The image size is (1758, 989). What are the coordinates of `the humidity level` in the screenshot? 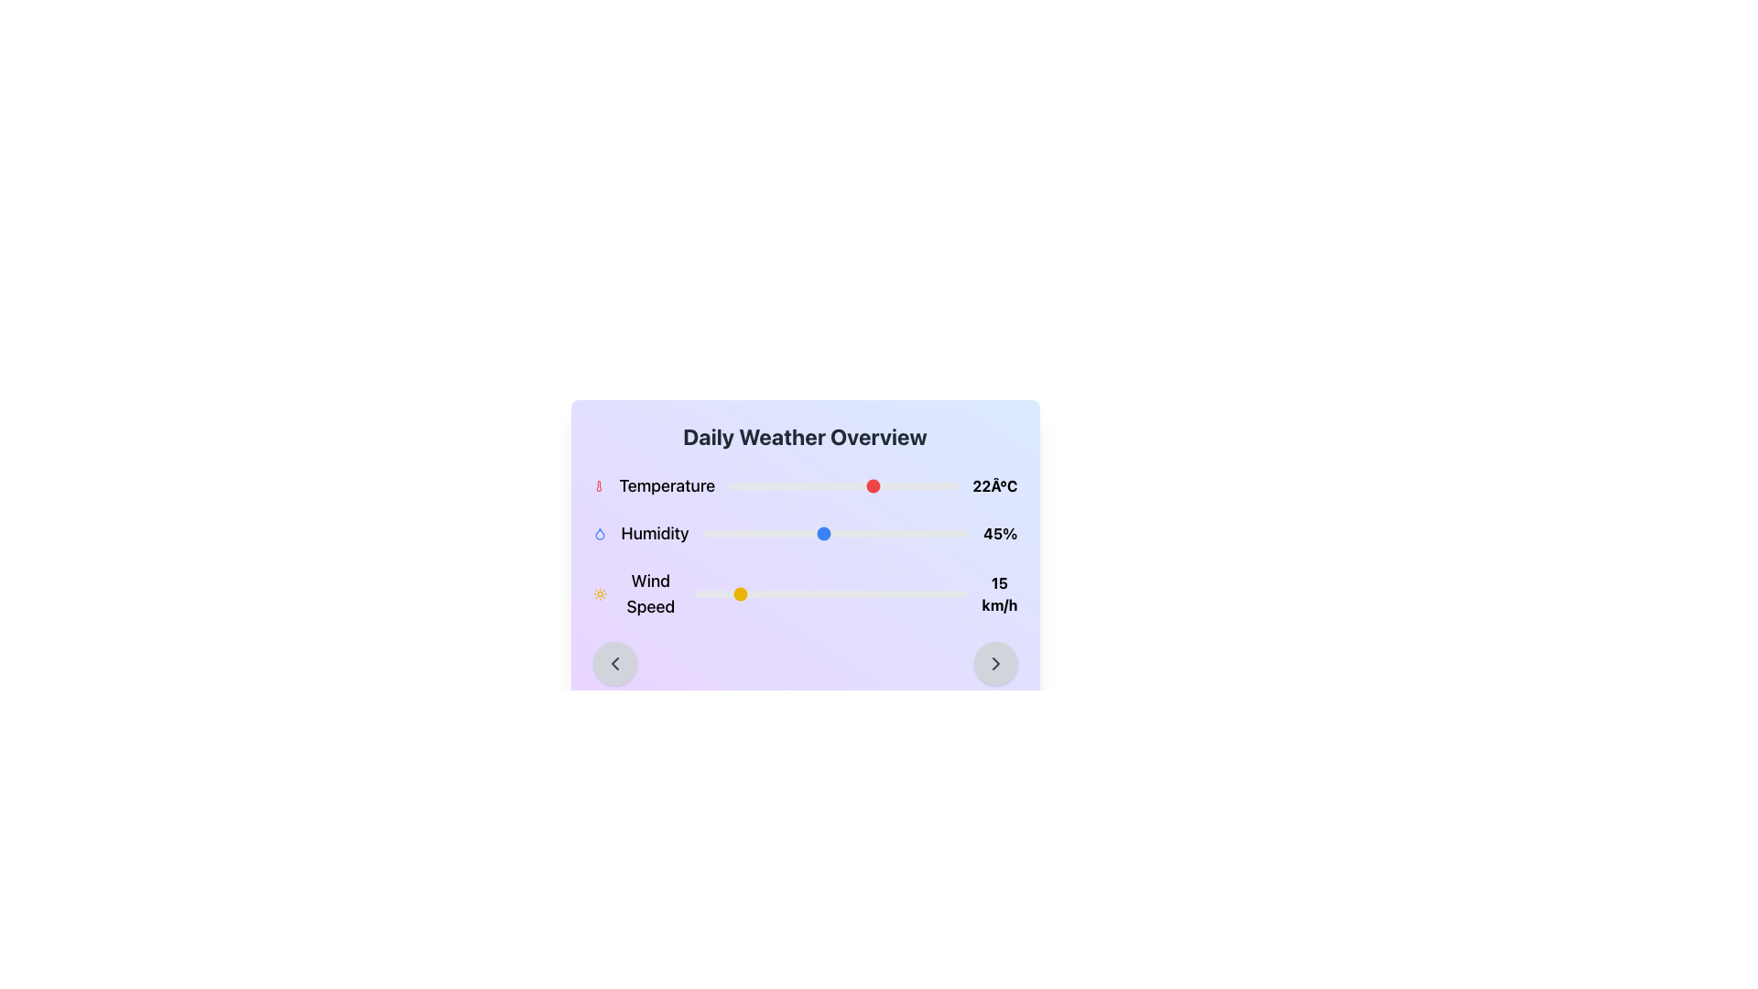 It's located at (913, 533).